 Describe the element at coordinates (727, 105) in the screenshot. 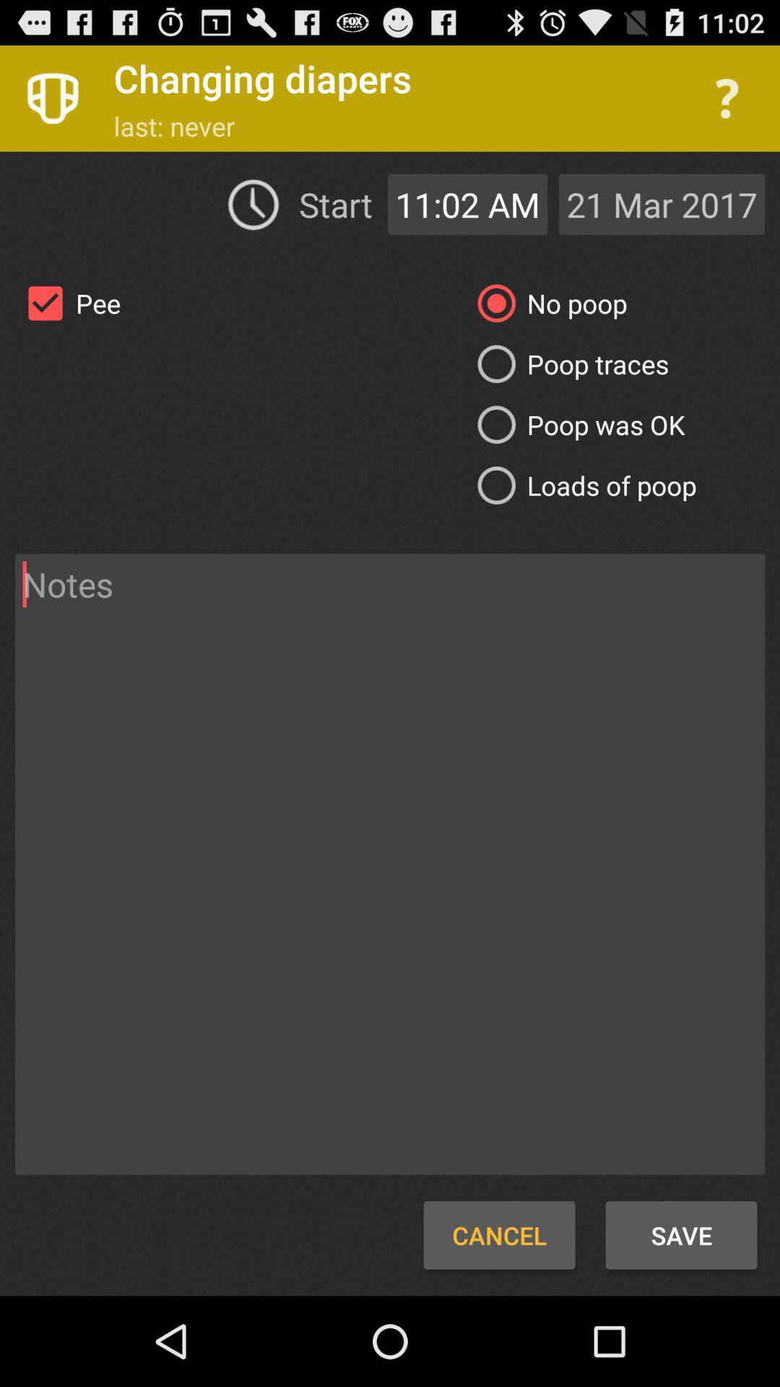

I see `the help icon` at that location.